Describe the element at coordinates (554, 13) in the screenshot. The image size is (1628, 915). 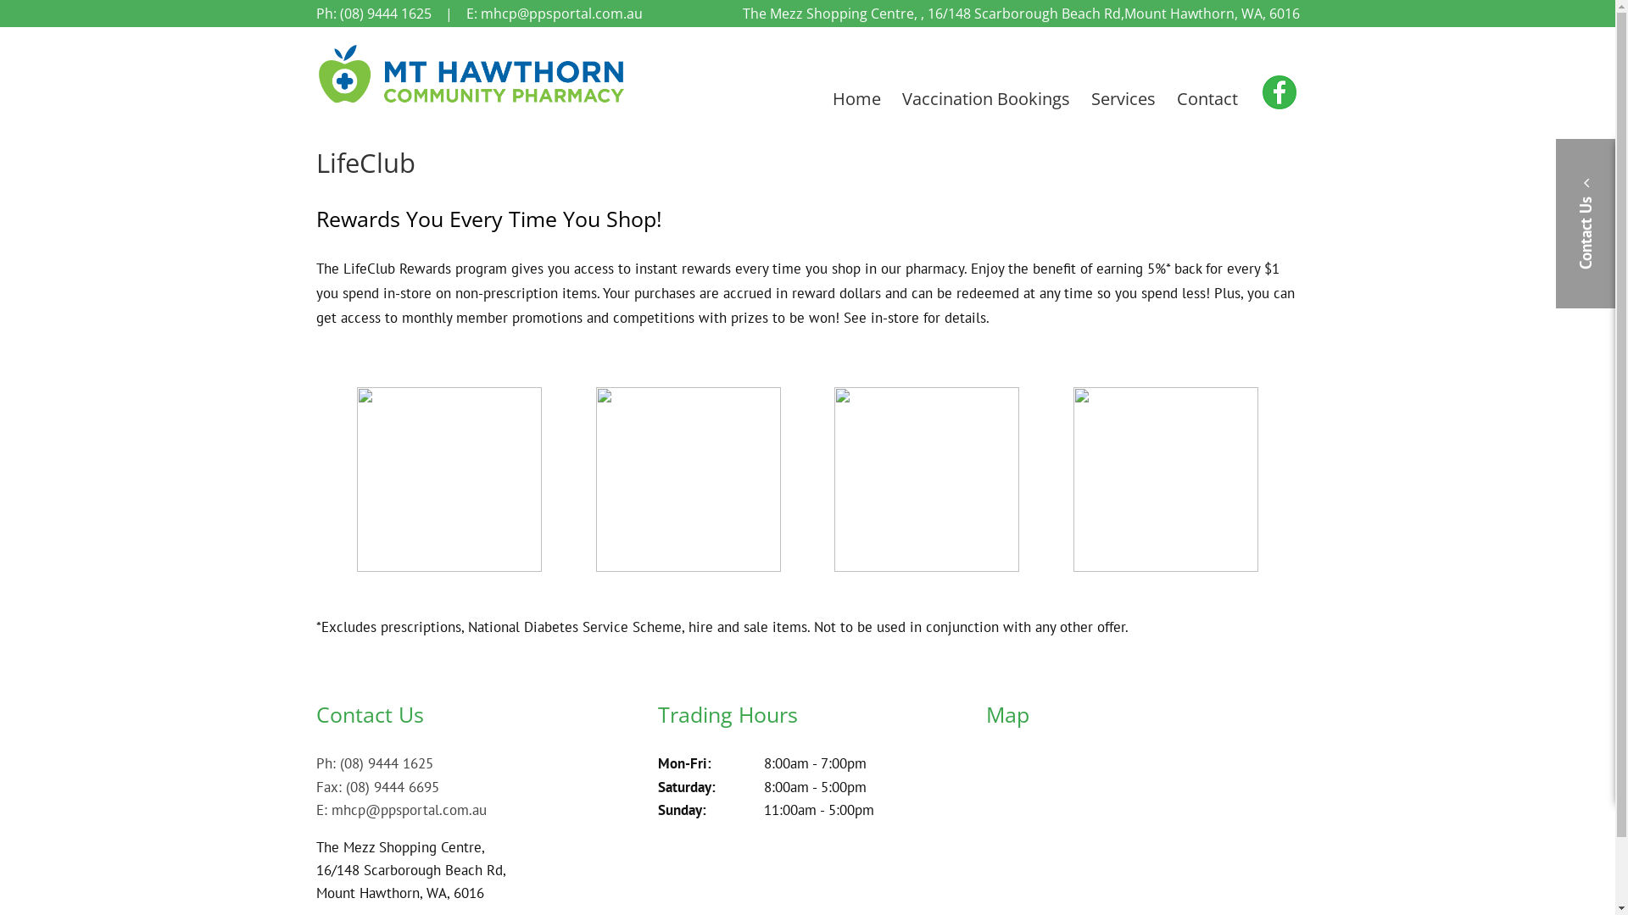
I see `'E: mhcp@ppsportal.com.au'` at that location.